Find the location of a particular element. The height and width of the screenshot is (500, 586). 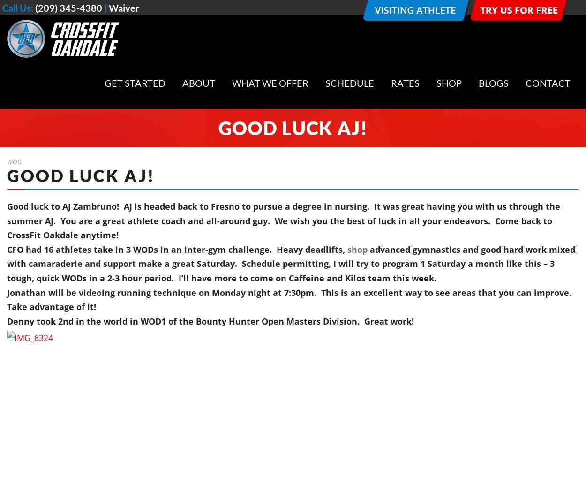

'Denny took 2nd in the world in WOD1 of the Bounty Hunter Open Masters Division.  Great work!' is located at coordinates (212, 320).